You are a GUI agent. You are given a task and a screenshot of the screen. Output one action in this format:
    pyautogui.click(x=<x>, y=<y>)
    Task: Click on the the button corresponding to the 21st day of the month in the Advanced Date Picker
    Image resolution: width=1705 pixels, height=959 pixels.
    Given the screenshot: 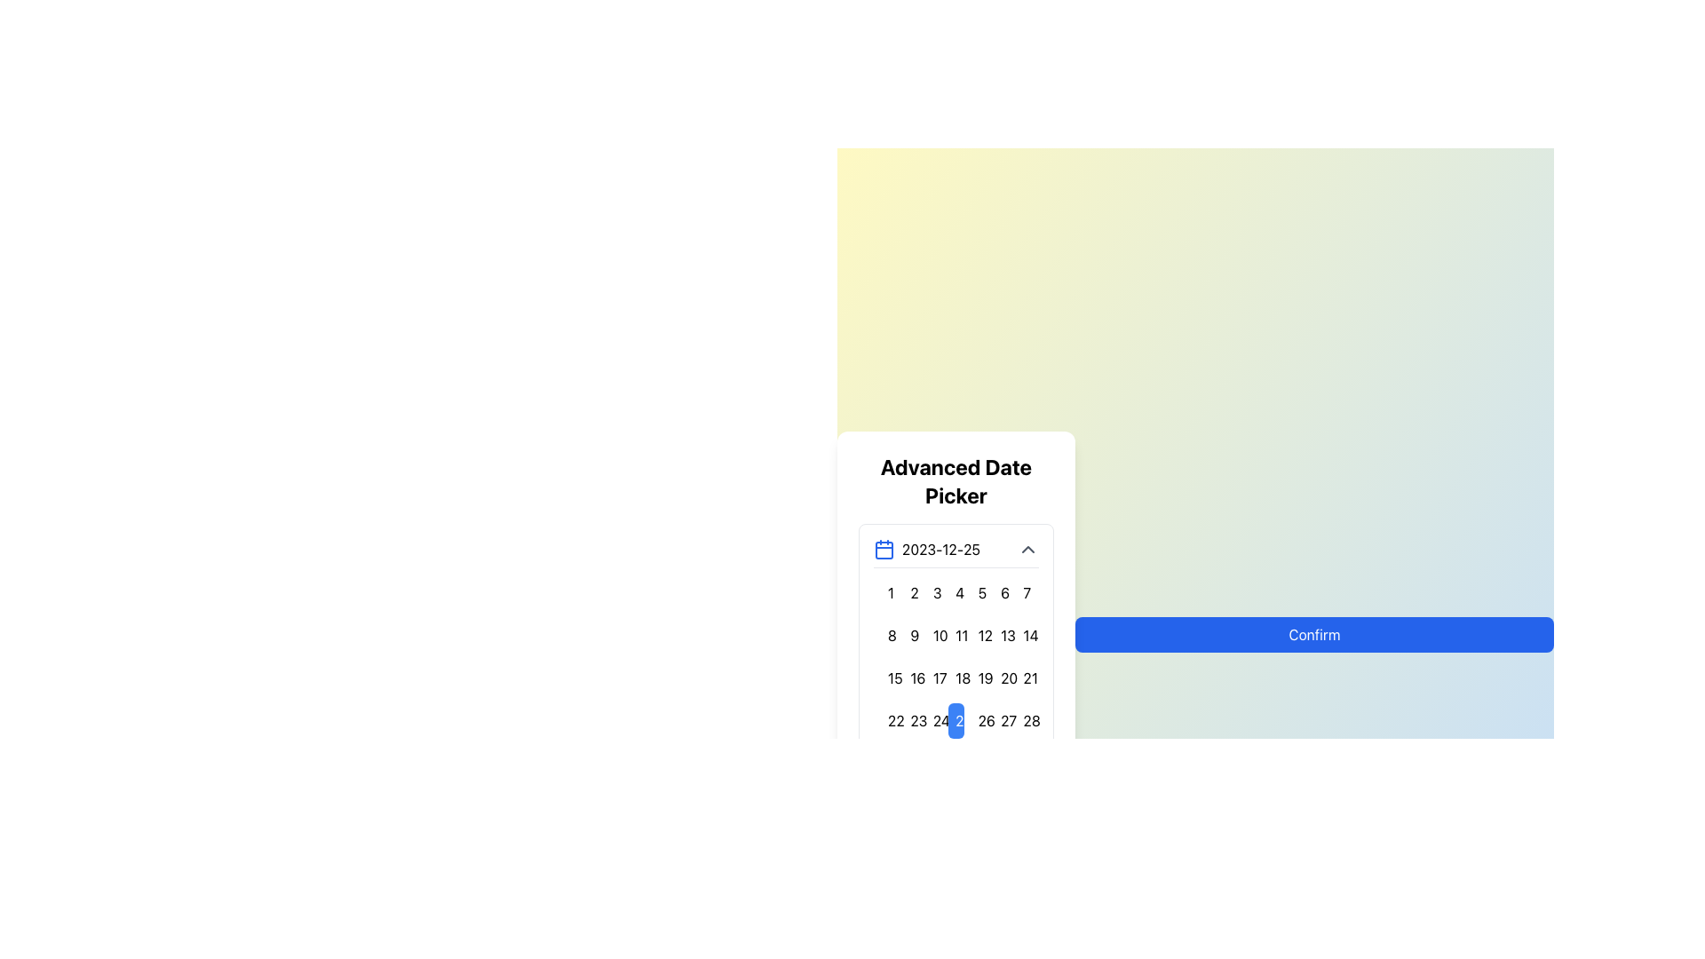 What is the action you would take?
    pyautogui.click(x=1024, y=678)
    